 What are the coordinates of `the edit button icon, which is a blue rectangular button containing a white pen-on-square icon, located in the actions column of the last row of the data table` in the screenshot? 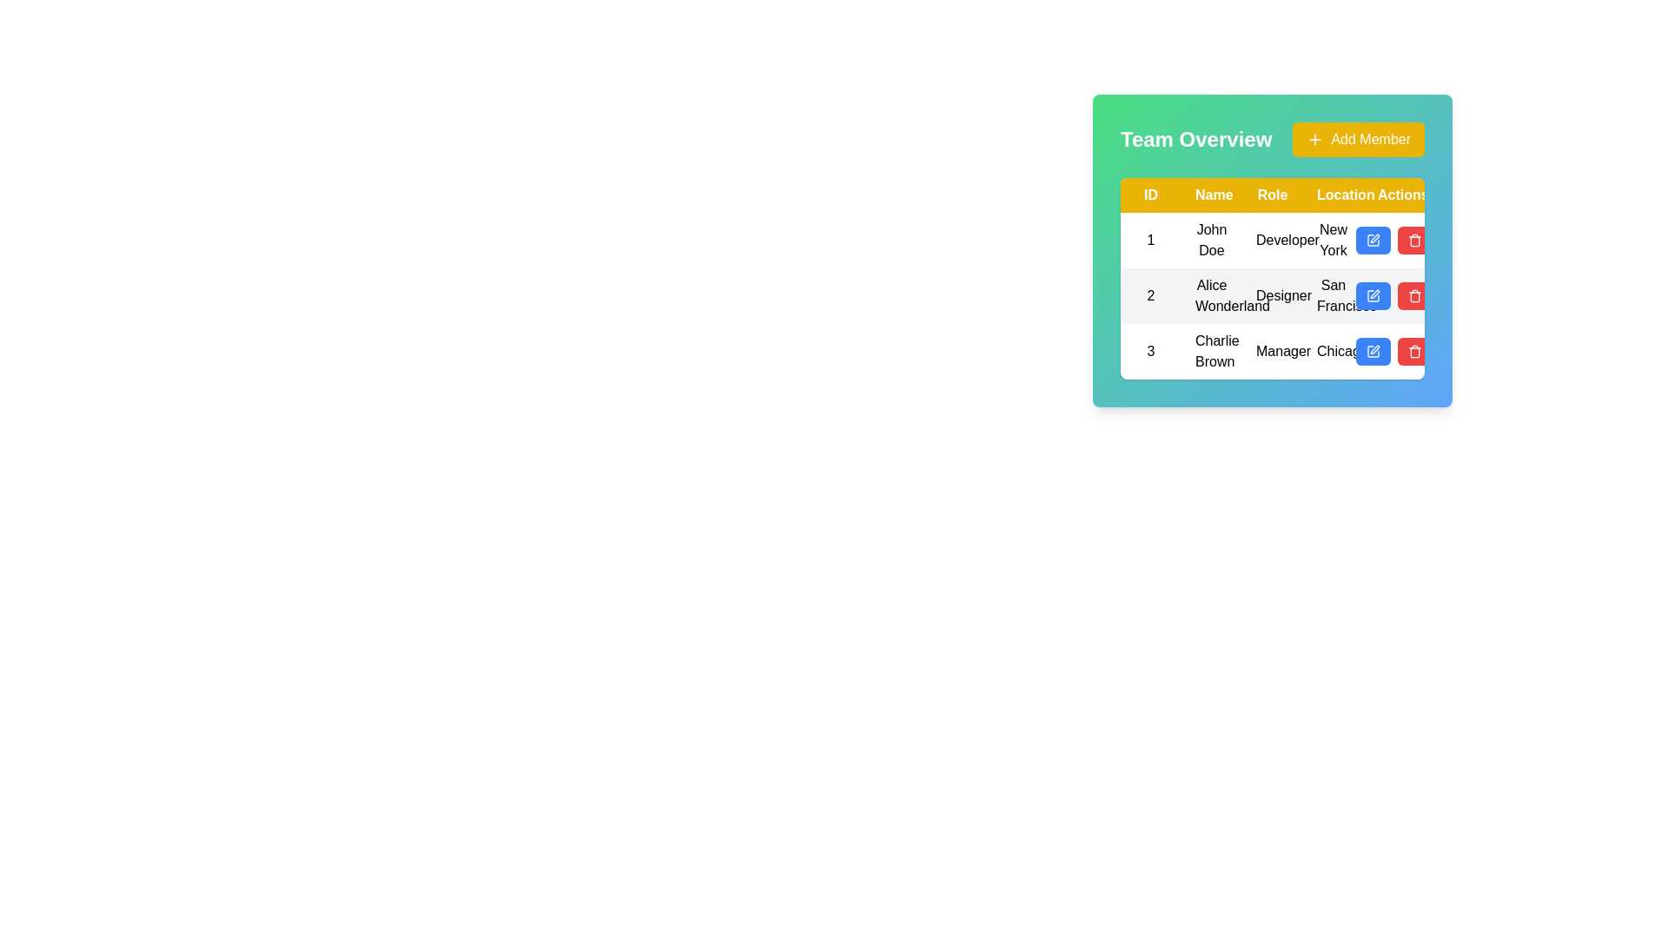 It's located at (1372, 352).